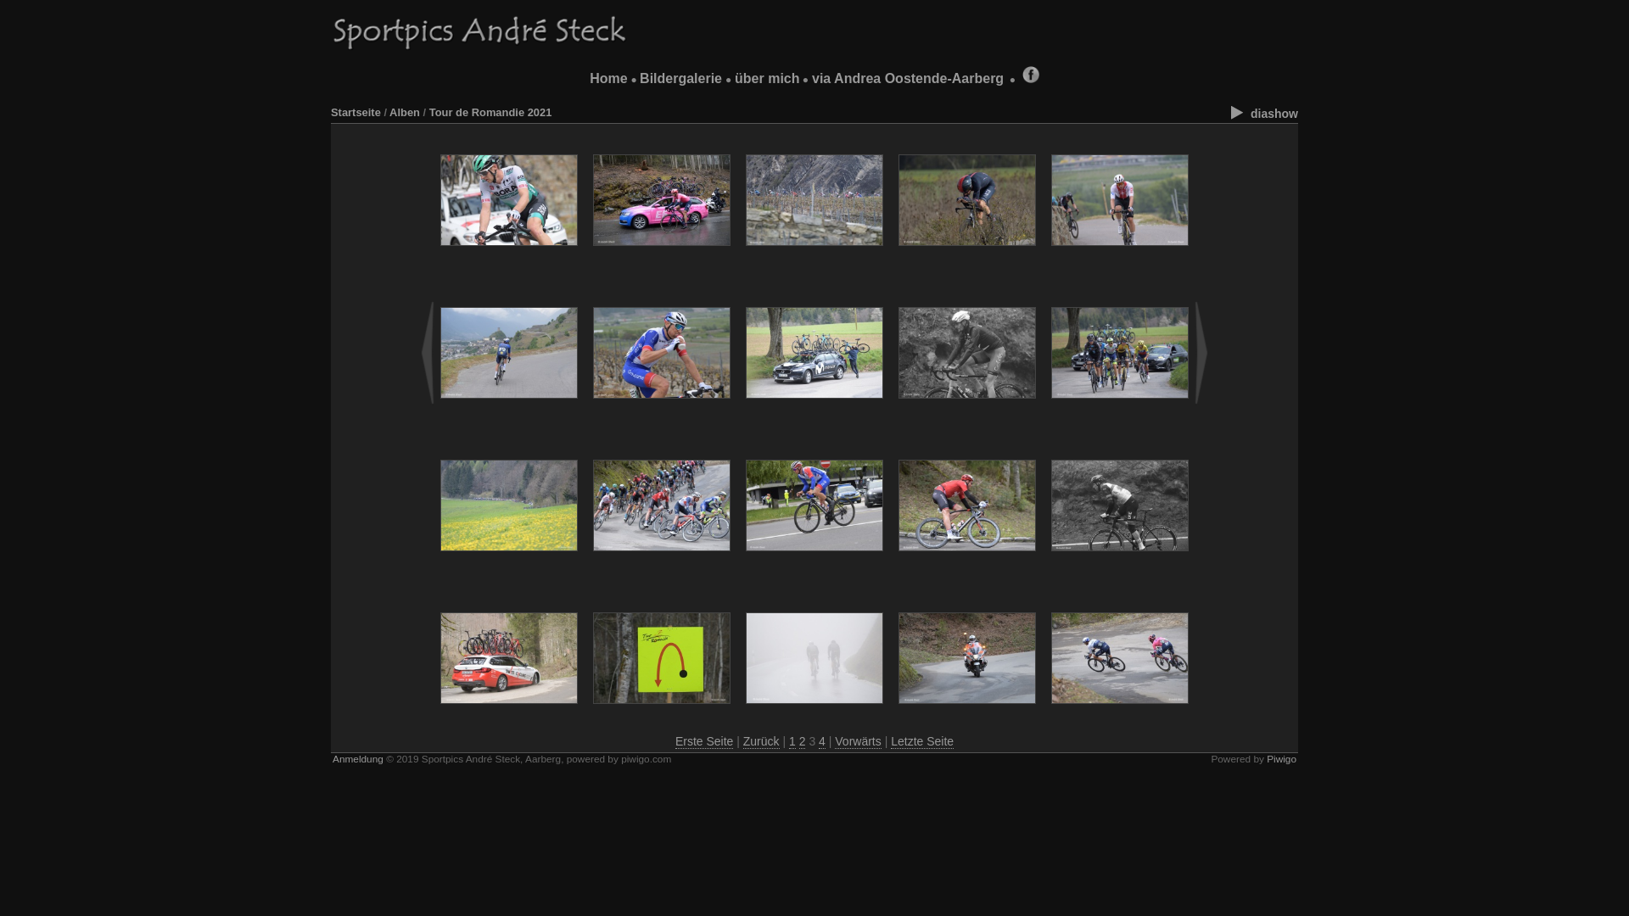 Image resolution: width=1629 pixels, height=916 pixels. I want to click on '2', so click(801, 740).